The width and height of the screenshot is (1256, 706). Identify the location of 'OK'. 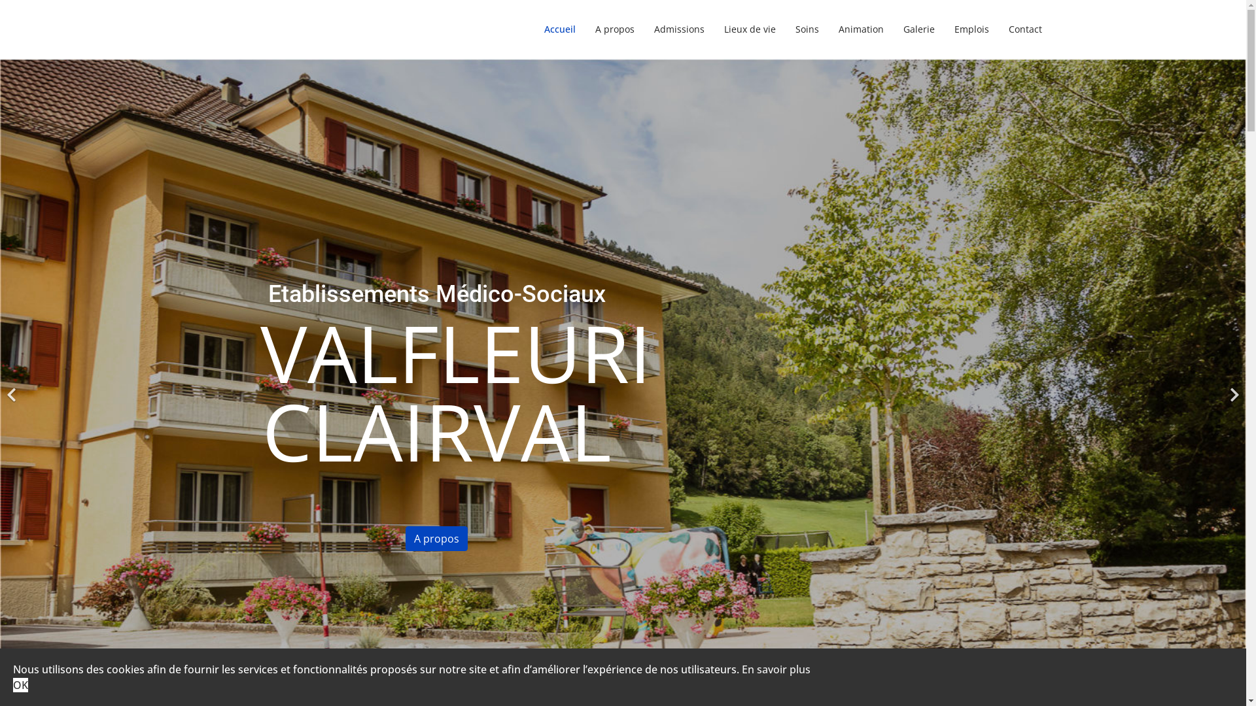
(20, 684).